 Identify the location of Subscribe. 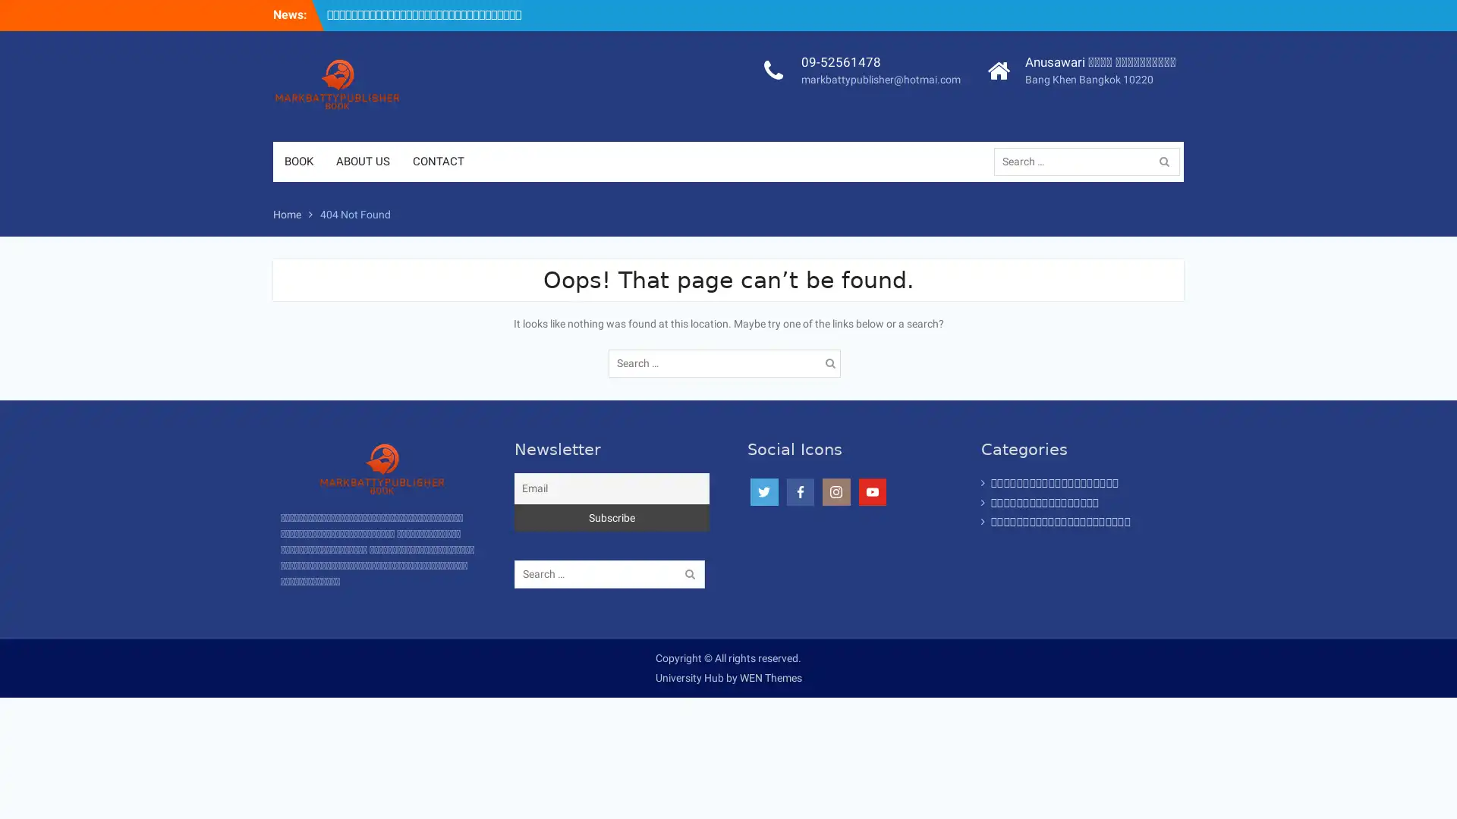
(612, 516).